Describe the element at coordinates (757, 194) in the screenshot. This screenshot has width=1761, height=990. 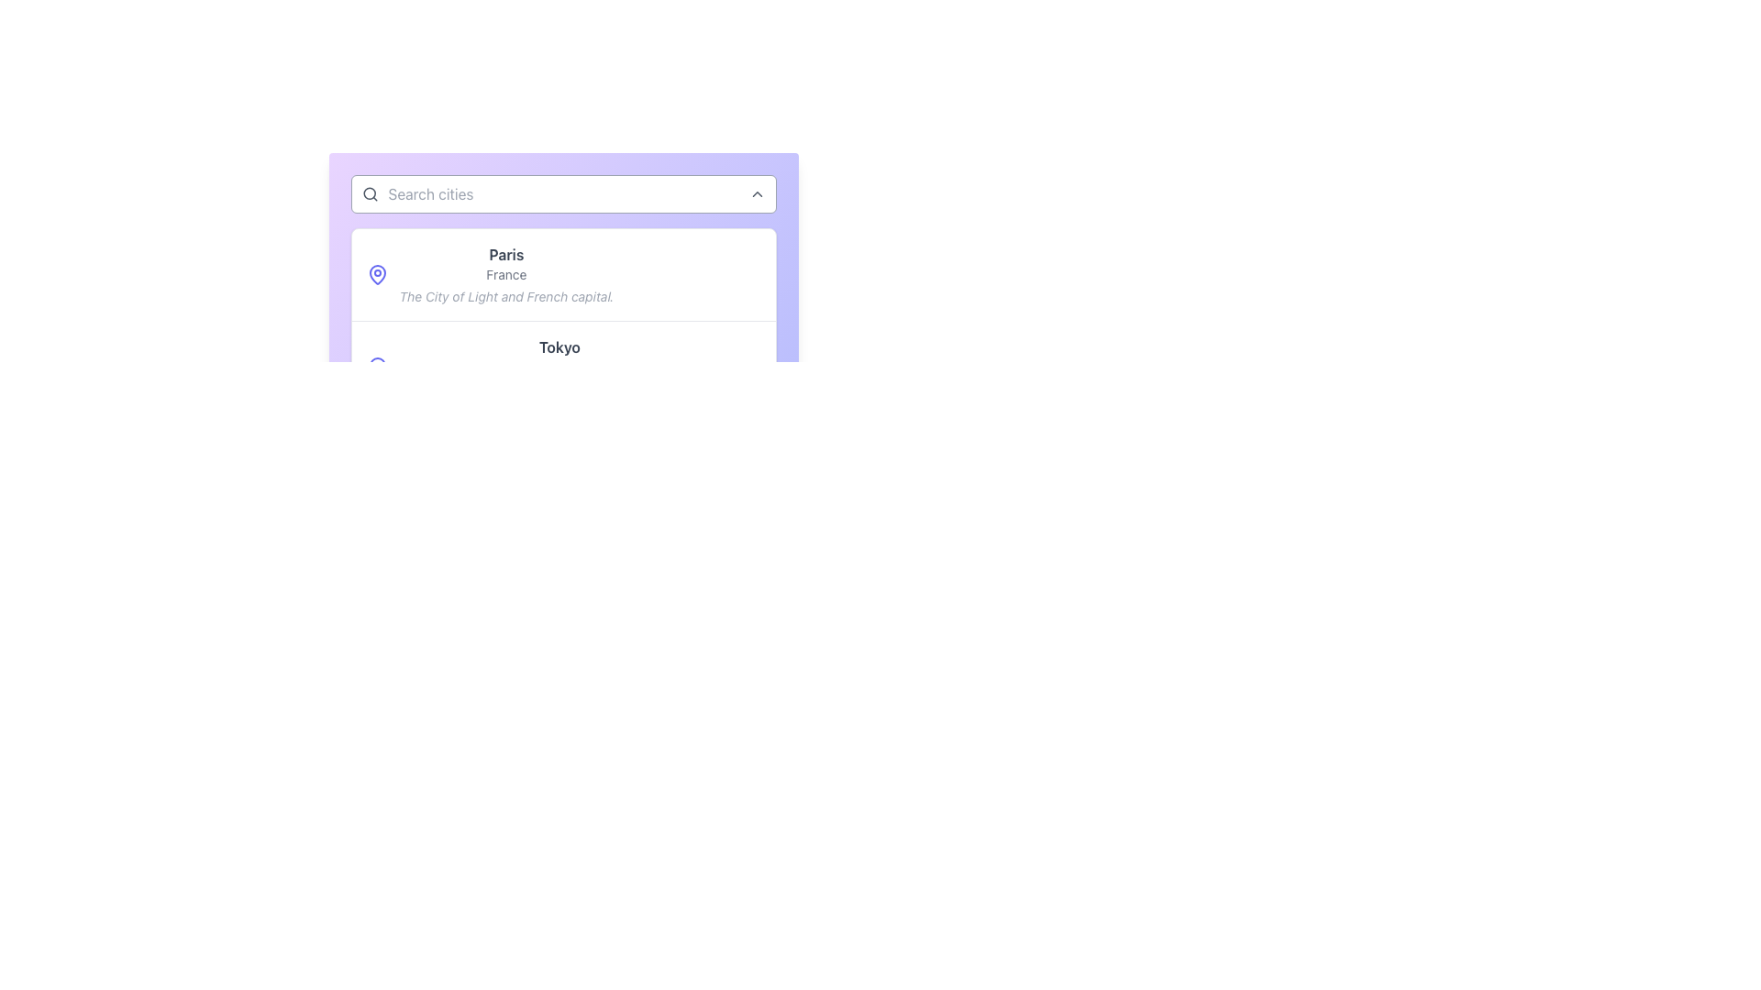
I see `the button that collapses or minimizes the expanded dropdown or search results menu, located at the top-right corner of the input field` at that location.